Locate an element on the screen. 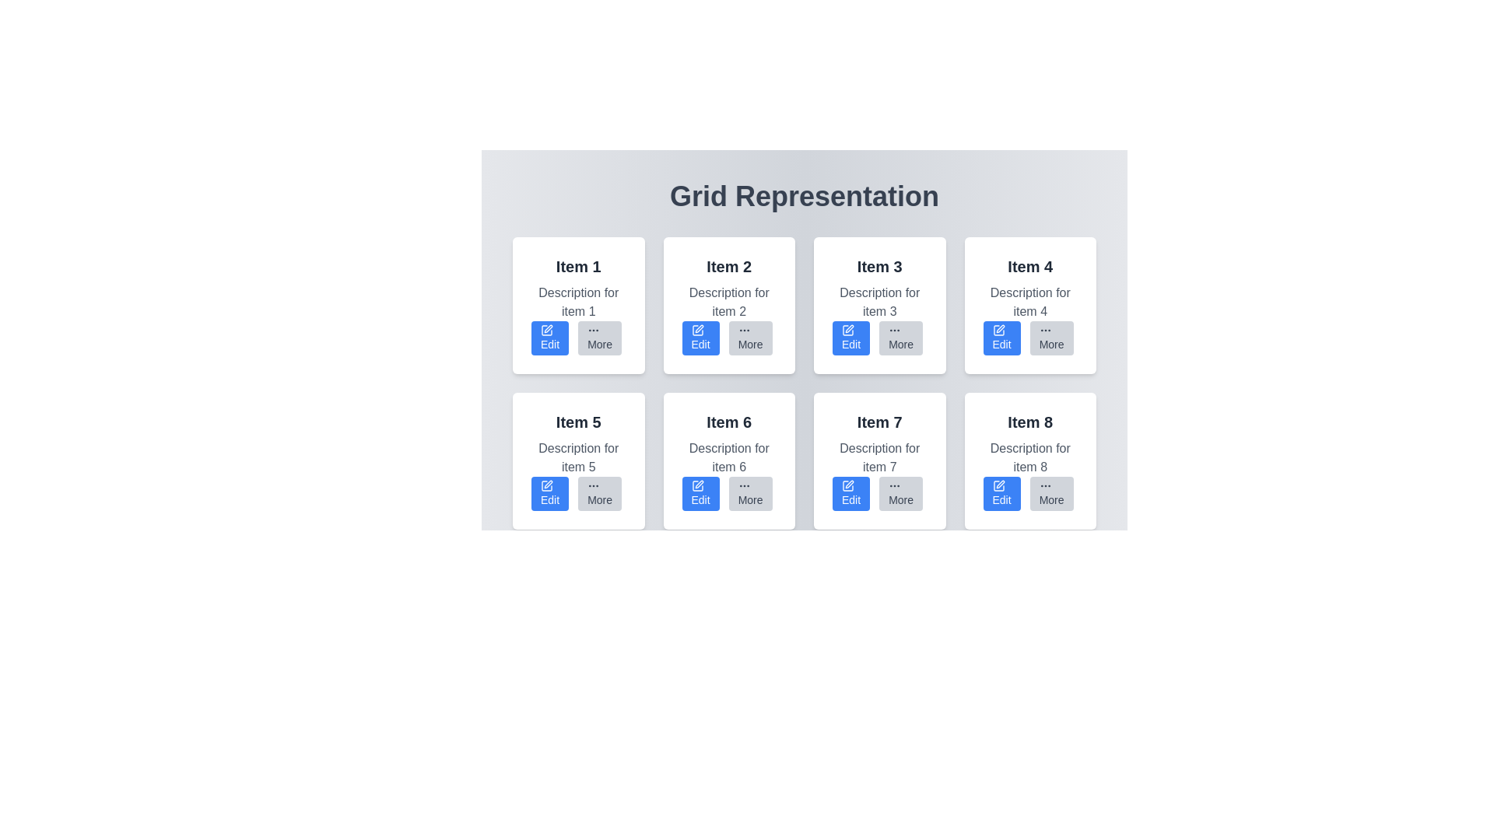 The width and height of the screenshot is (1494, 840). the graphic icon component representing the editing tool located inside the 'Edit' button of the second item in the grid layout is located at coordinates (696, 329).